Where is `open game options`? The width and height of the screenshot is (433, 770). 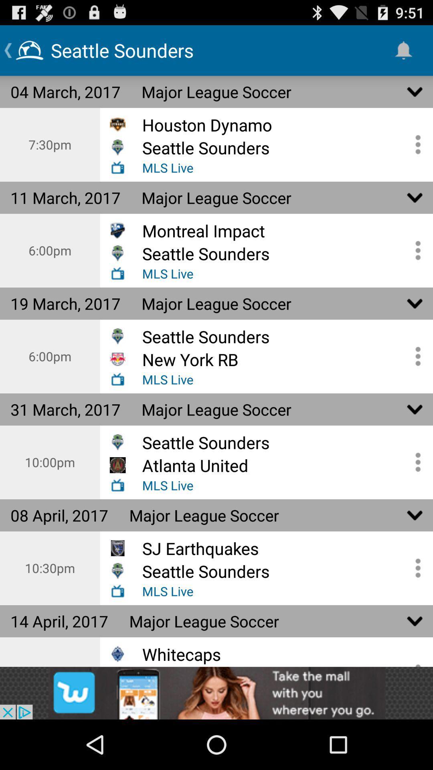 open game options is located at coordinates (415, 250).